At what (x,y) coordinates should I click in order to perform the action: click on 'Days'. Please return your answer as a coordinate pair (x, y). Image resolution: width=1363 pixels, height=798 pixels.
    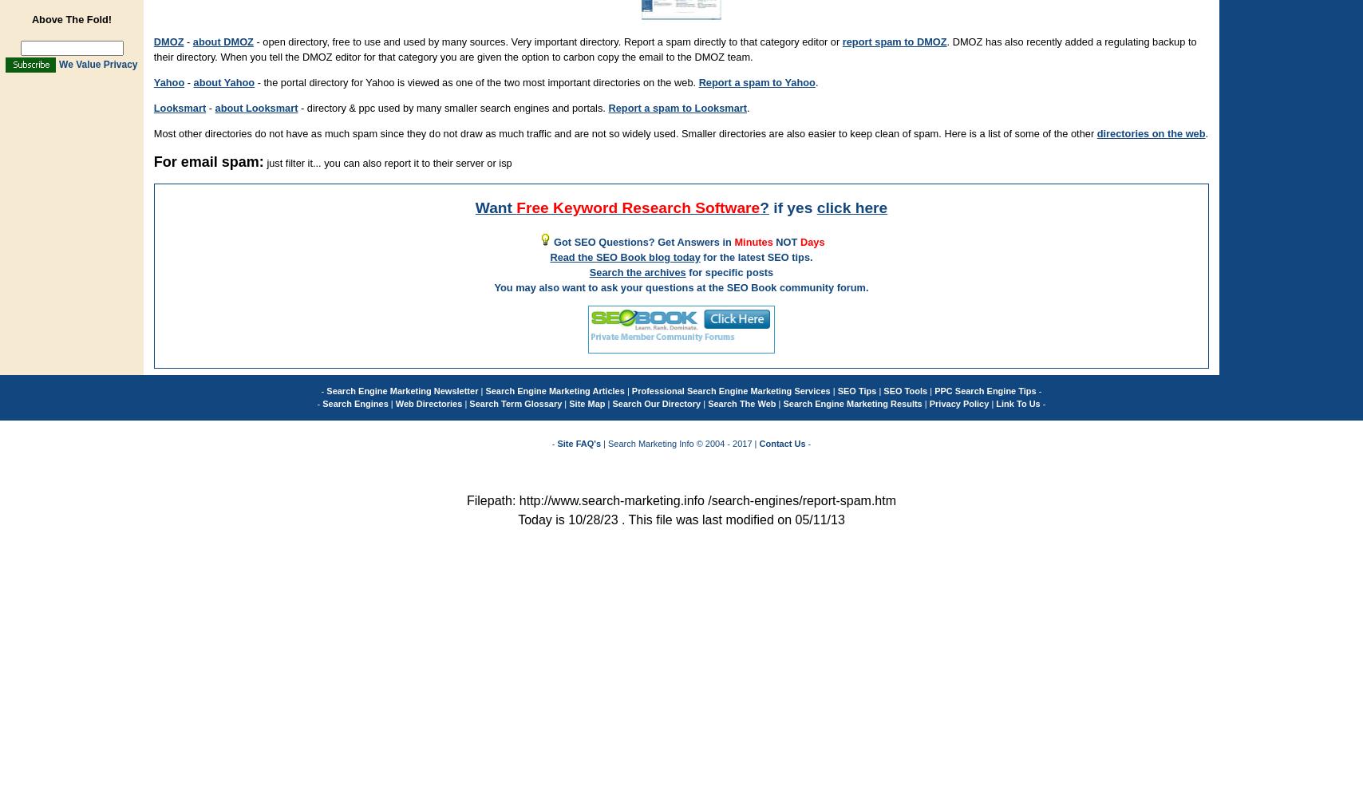
    Looking at the image, I should click on (812, 241).